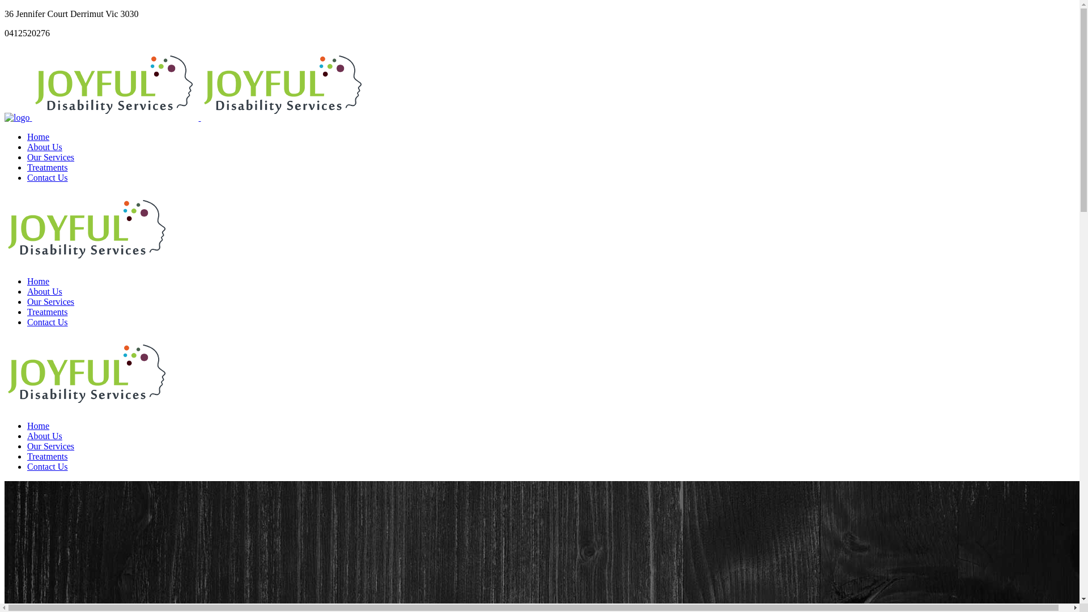  Describe the element at coordinates (46, 312) in the screenshot. I see `'Treatments'` at that location.